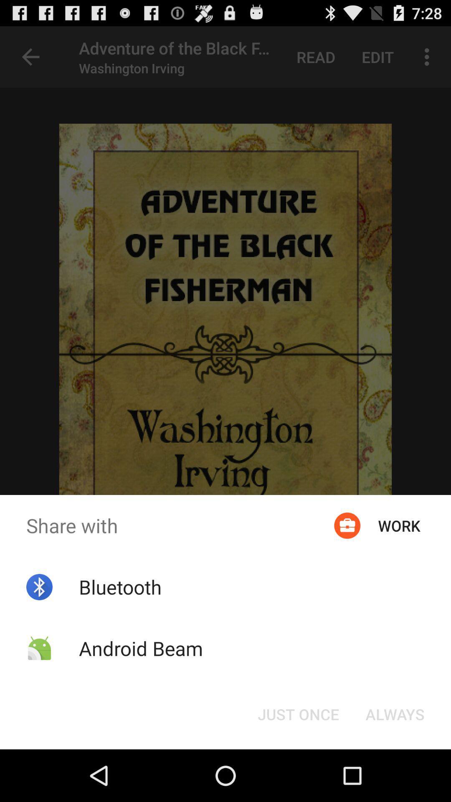 The height and width of the screenshot is (802, 451). I want to click on the always button, so click(395, 713).